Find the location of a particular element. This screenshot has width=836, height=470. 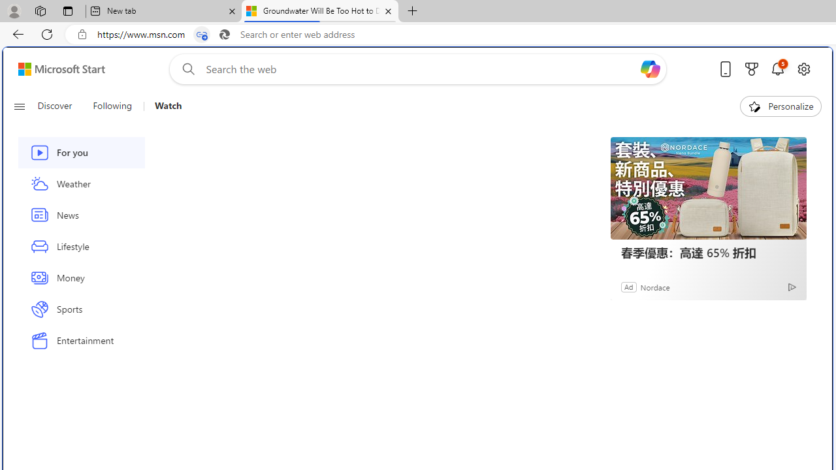

'Microsoft Start' is located at coordinates (61, 69).